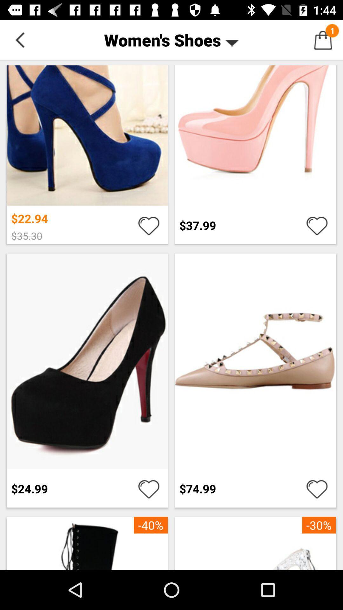 This screenshot has width=343, height=610. What do you see at coordinates (317, 488) in the screenshot?
I see `item to favorites` at bounding box center [317, 488].